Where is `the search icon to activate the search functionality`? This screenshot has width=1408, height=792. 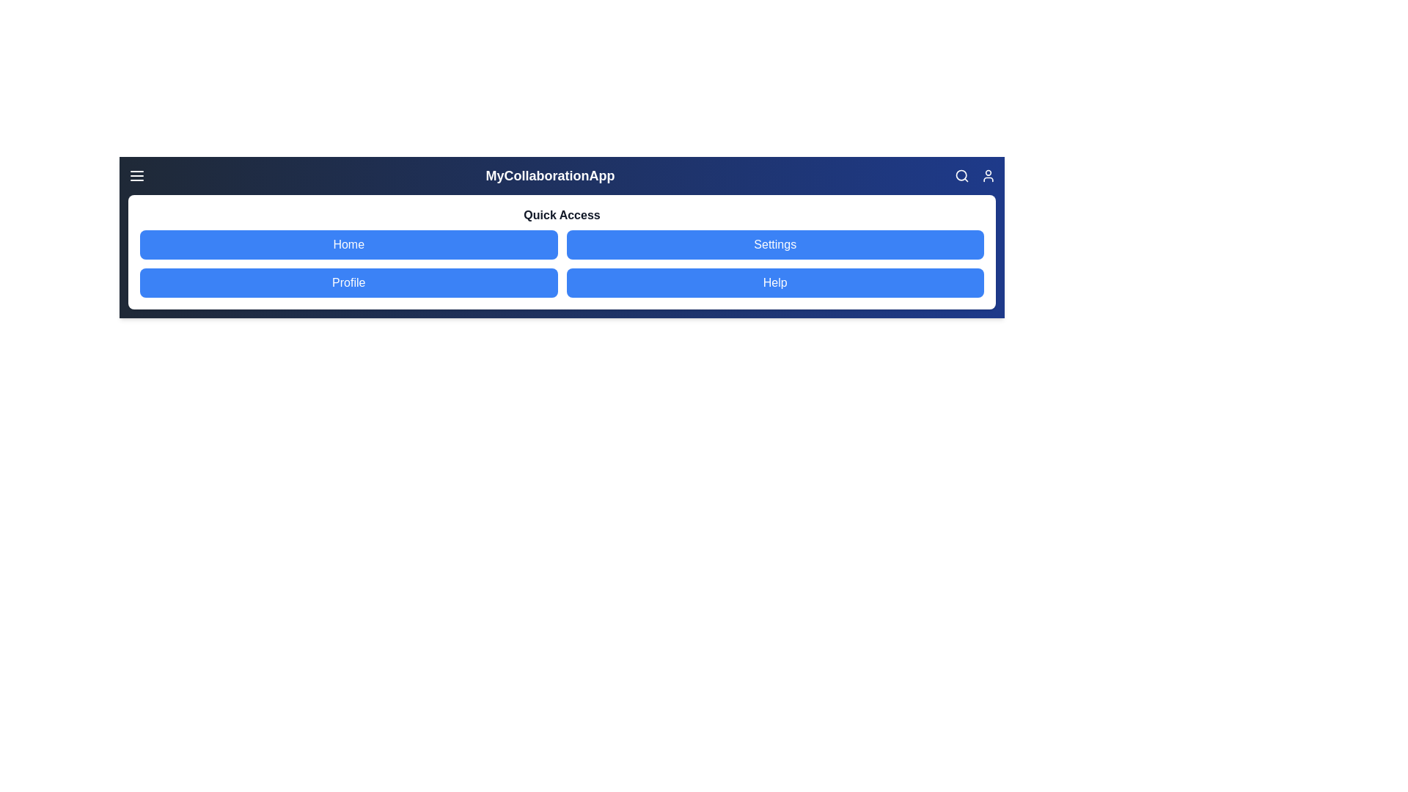 the search icon to activate the search functionality is located at coordinates (961, 175).